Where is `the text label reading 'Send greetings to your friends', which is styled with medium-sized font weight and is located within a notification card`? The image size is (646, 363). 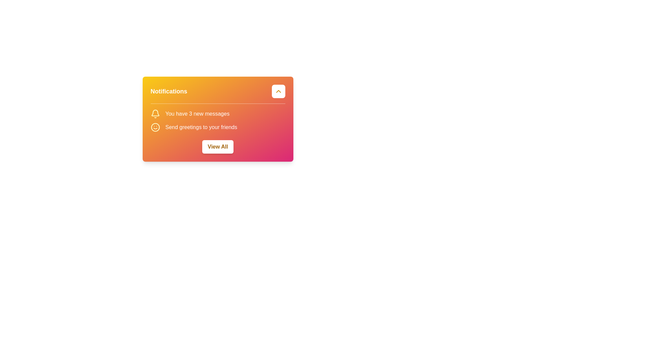 the text label reading 'Send greetings to your friends', which is styled with medium-sized font weight and is located within a notification card is located at coordinates (201, 127).